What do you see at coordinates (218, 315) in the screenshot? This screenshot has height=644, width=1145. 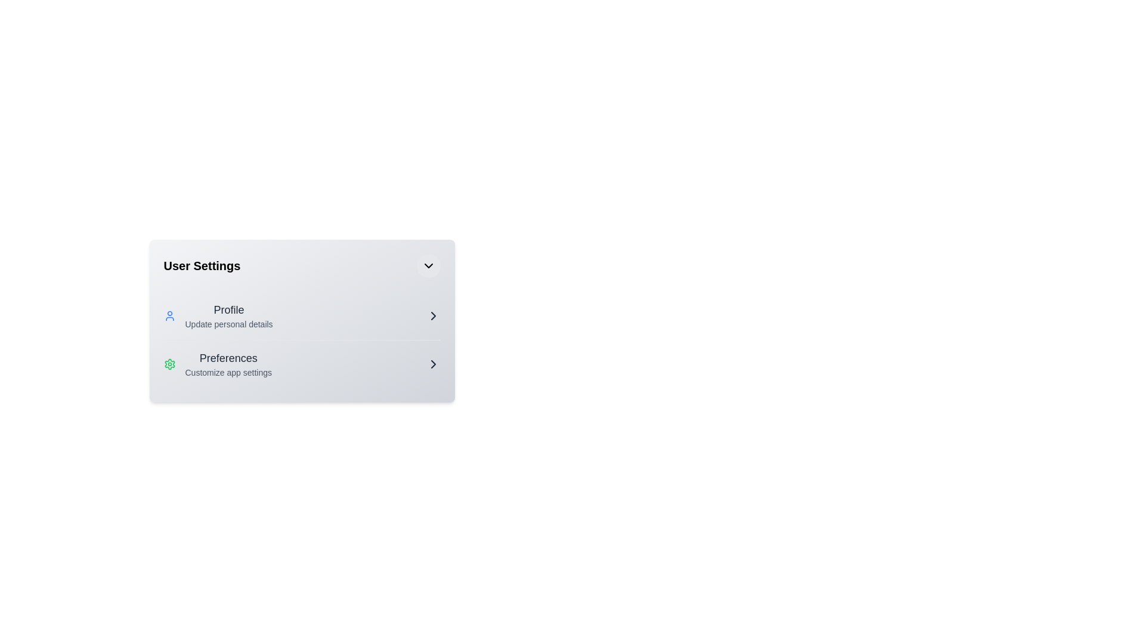 I see `the user profile section in the settings menu` at bounding box center [218, 315].